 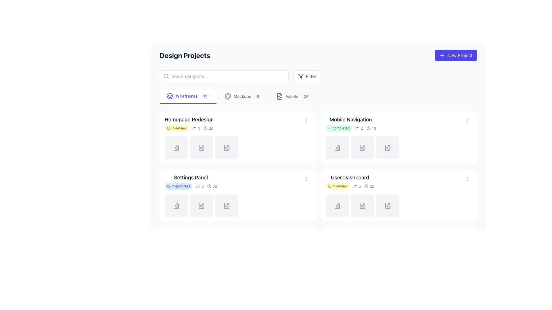 I want to click on the vertical ellipsis icon located in the top-right corner of the 'Homepage Redesign' card, so click(x=306, y=120).